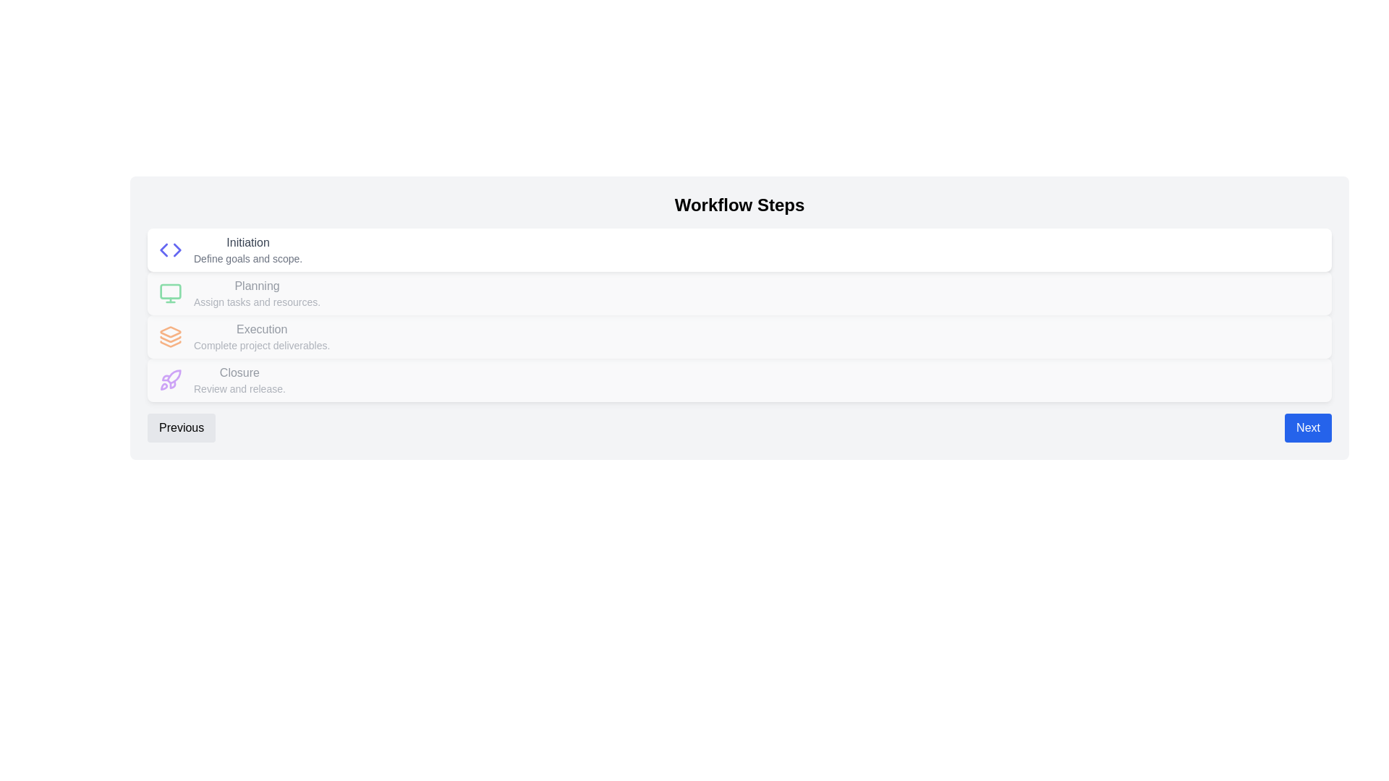 This screenshot has height=781, width=1389. What do you see at coordinates (170, 249) in the screenshot?
I see `the icon located in the first workflow step labeled 'Initiation', positioned to the left of the step's textual content` at bounding box center [170, 249].